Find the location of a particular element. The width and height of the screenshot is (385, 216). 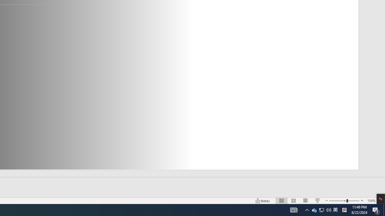

'Zoom 154%' is located at coordinates (371, 201).